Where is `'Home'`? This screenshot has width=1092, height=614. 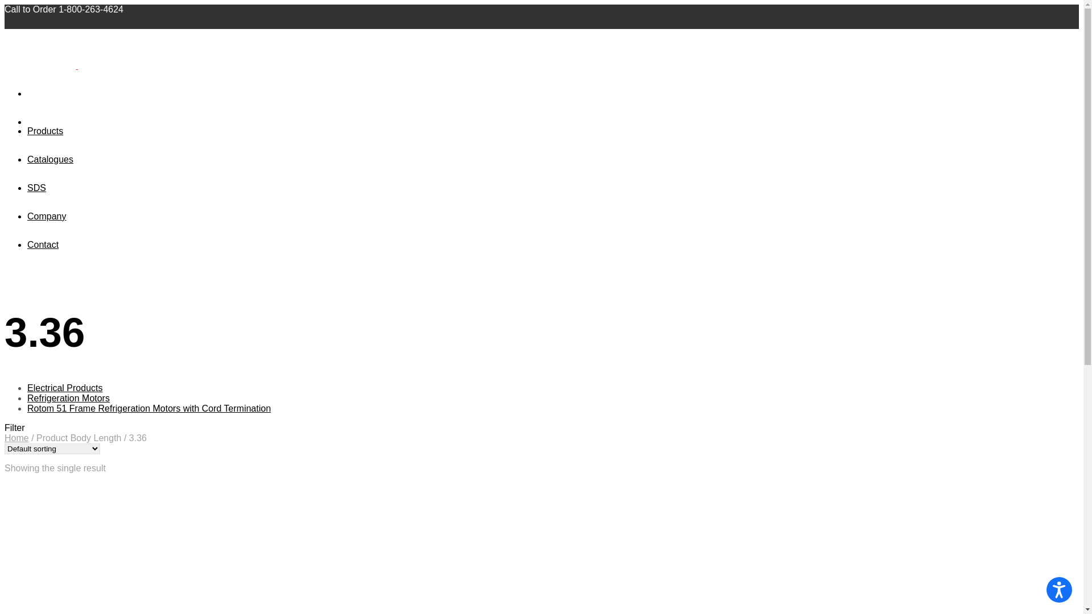 'Home' is located at coordinates (16, 437).